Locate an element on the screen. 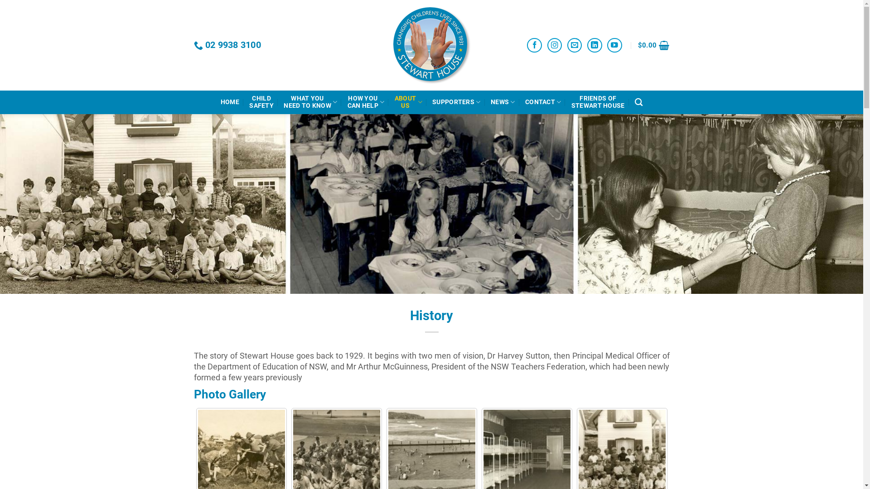 The width and height of the screenshot is (870, 489). 'FRIENDS OF is located at coordinates (598, 102).